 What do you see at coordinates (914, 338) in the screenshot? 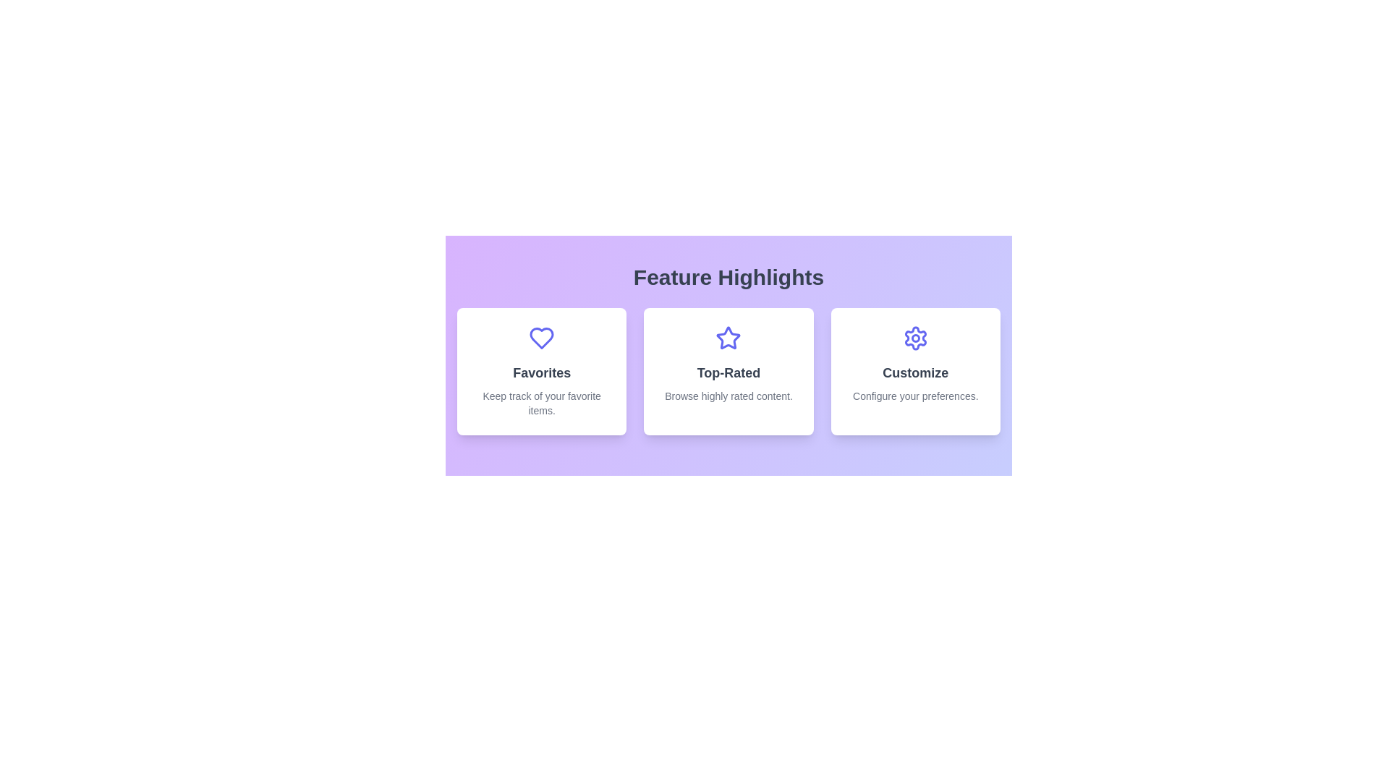
I see `the circular dot at the center of the gear icon, which is part of the 'Feature Highlights' group on the right` at bounding box center [914, 338].